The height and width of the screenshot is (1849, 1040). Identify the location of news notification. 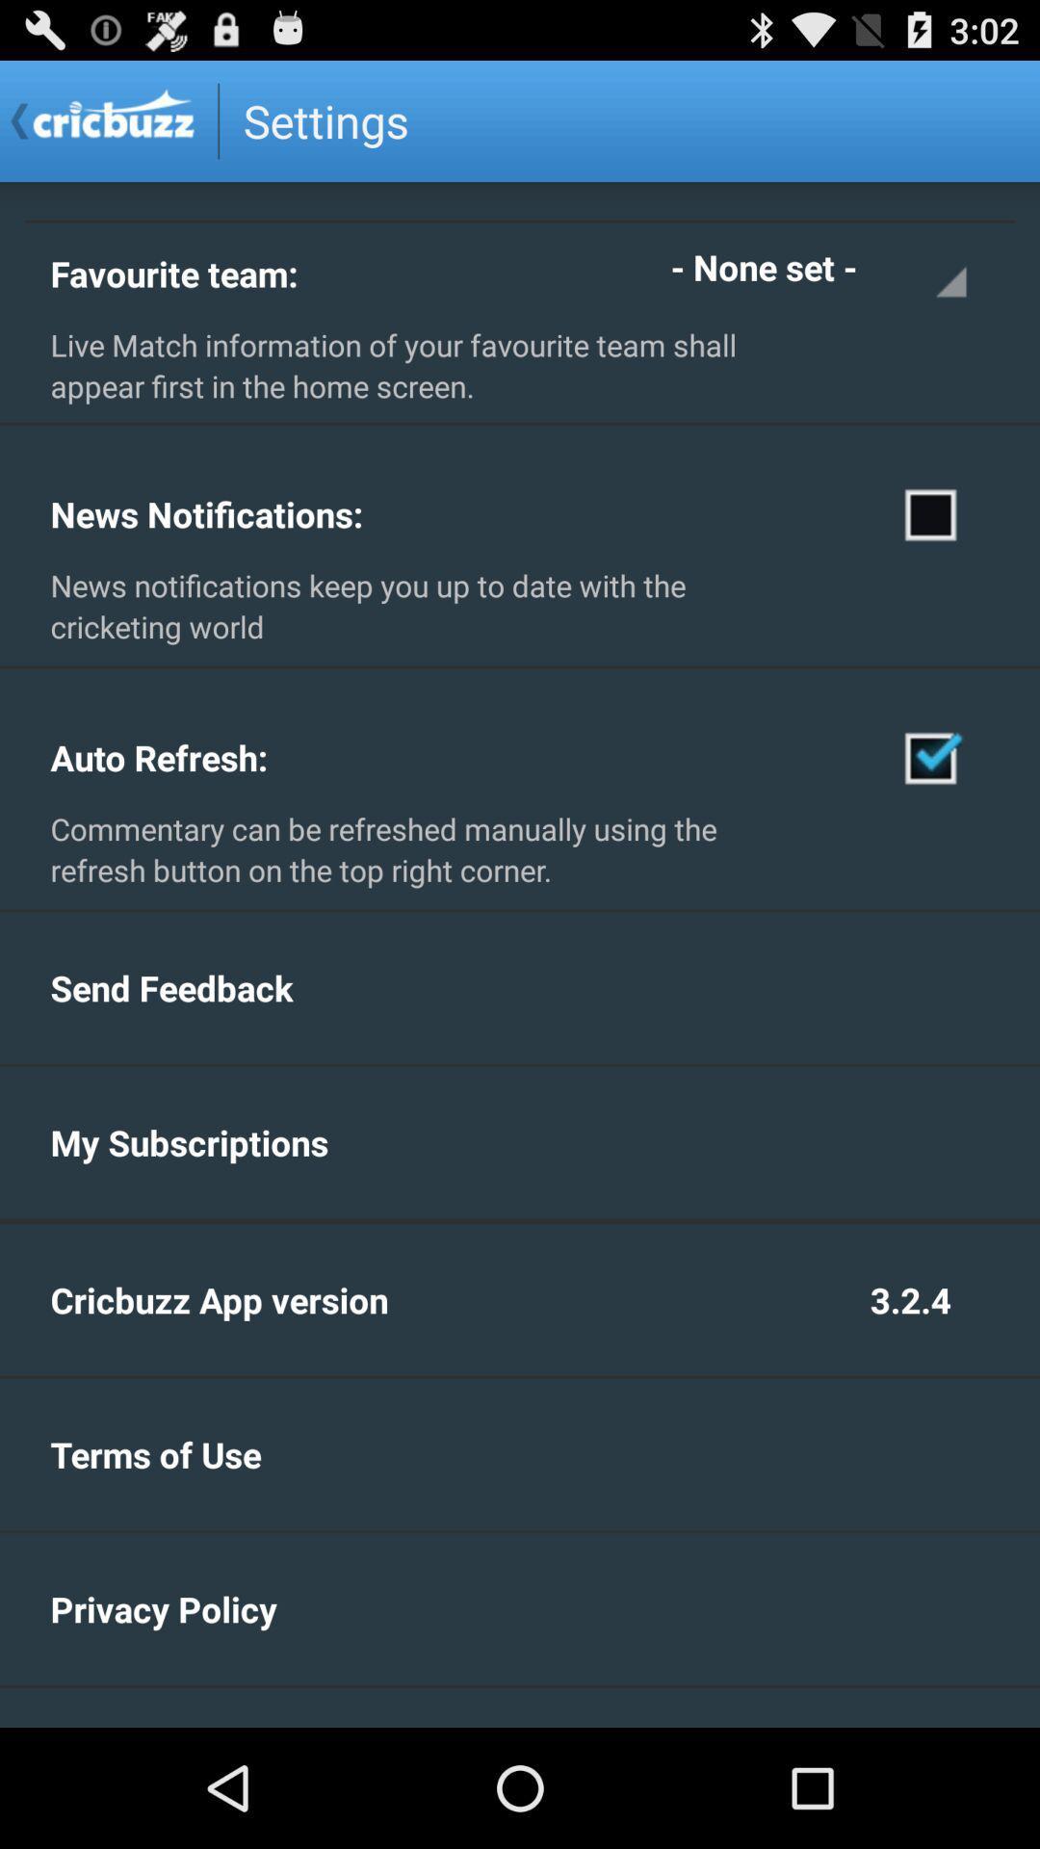
(930, 513).